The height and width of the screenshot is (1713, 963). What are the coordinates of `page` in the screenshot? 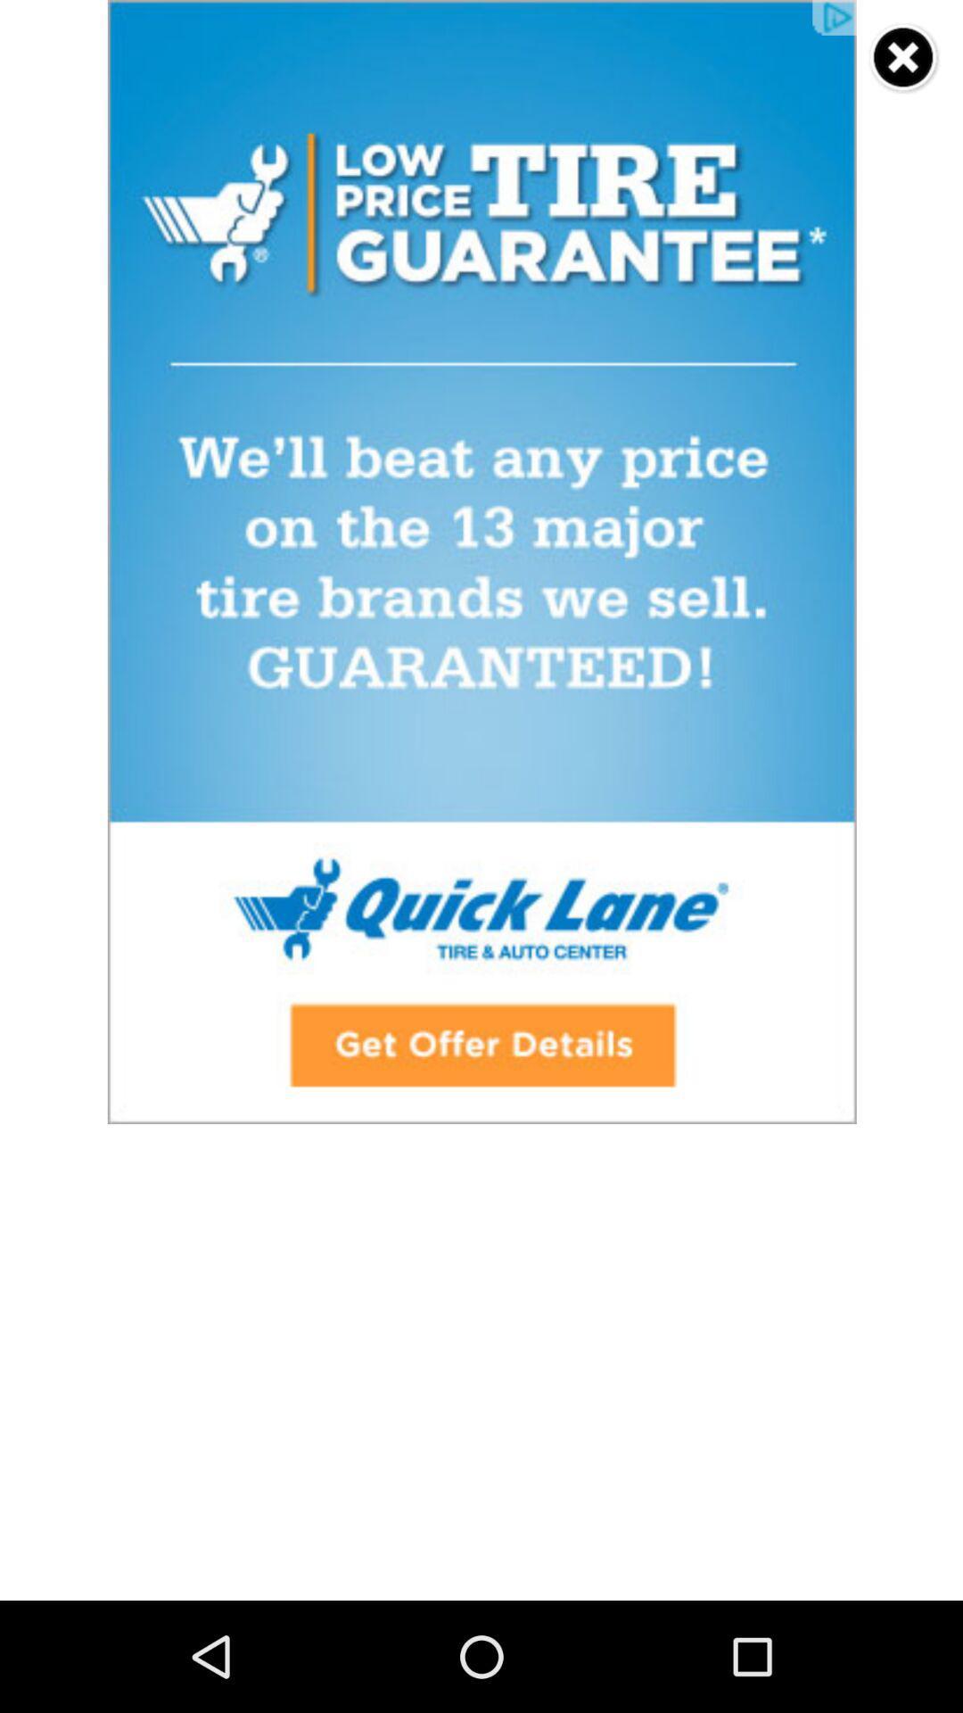 It's located at (904, 58).